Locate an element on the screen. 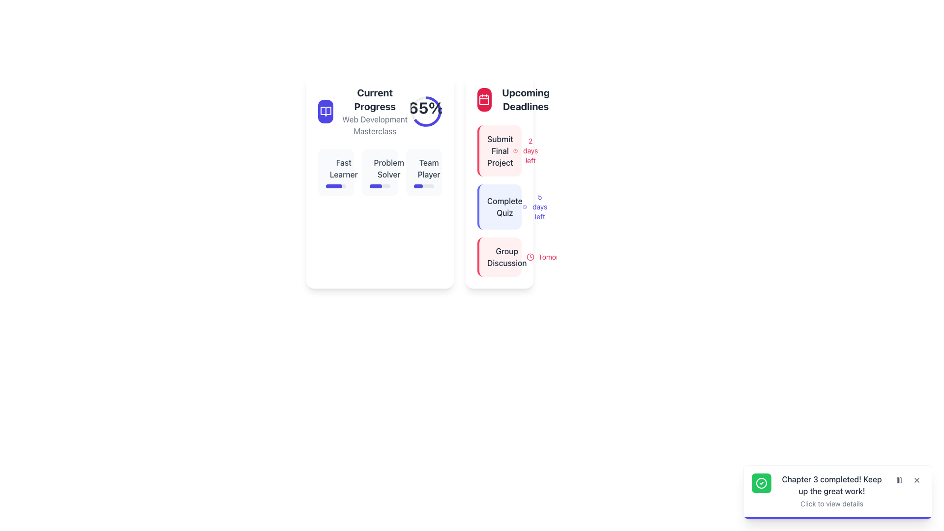 The height and width of the screenshot is (531, 944). the red square-shaped background icon with rounded edges containing a white calendar graphic, located in the 'Upcoming Deadlines' section is located at coordinates (484, 100).